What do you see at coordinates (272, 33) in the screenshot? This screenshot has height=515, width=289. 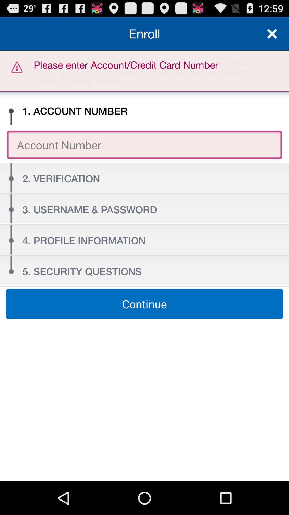 I see `the item to the right of the please enter account` at bounding box center [272, 33].